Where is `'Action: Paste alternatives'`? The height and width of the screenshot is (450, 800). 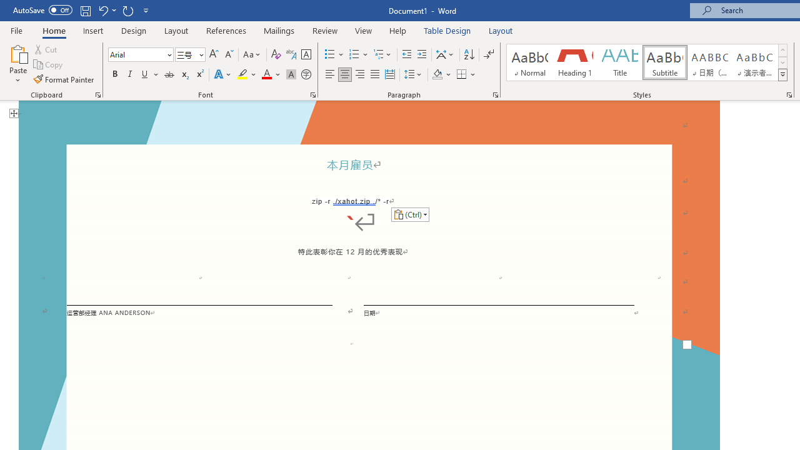
'Action: Paste alternatives' is located at coordinates (410, 214).